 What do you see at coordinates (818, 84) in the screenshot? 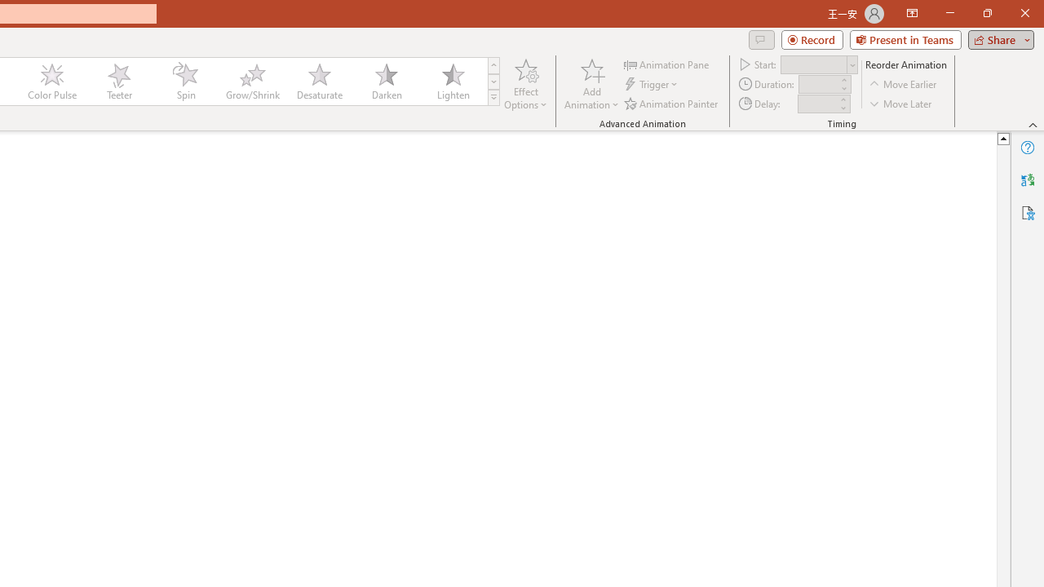
I see `'Animation Duration'` at bounding box center [818, 84].